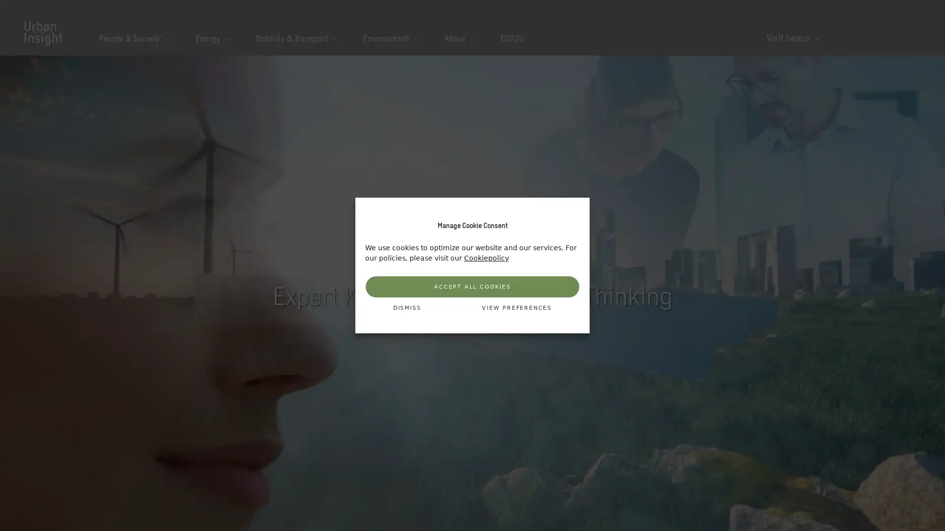 Image resolution: width=945 pixels, height=531 pixels. I want to click on DISMISS, so click(407, 308).